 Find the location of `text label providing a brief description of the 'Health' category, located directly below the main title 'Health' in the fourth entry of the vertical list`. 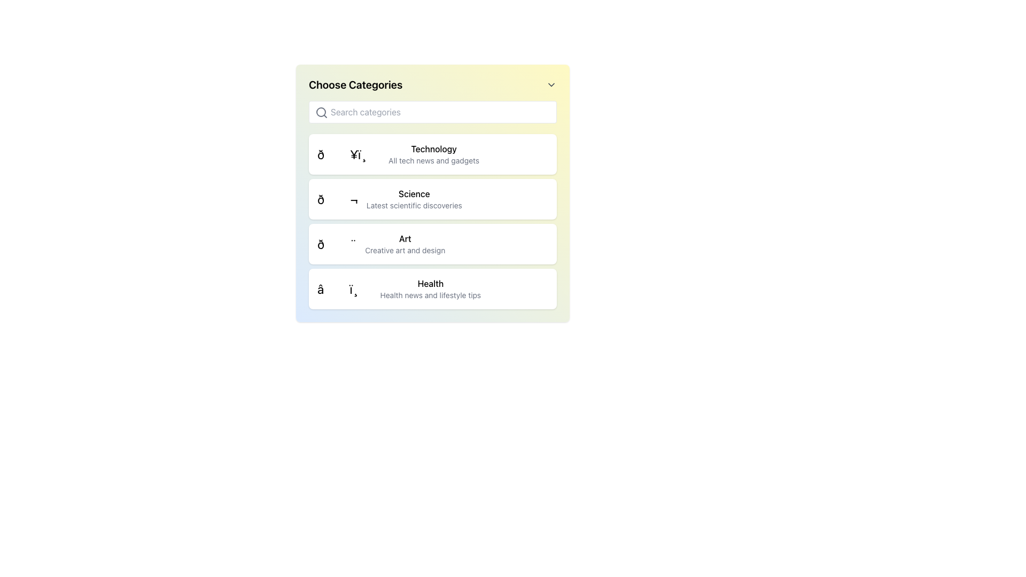

text label providing a brief description of the 'Health' category, located directly below the main title 'Health' in the fourth entry of the vertical list is located at coordinates (430, 295).